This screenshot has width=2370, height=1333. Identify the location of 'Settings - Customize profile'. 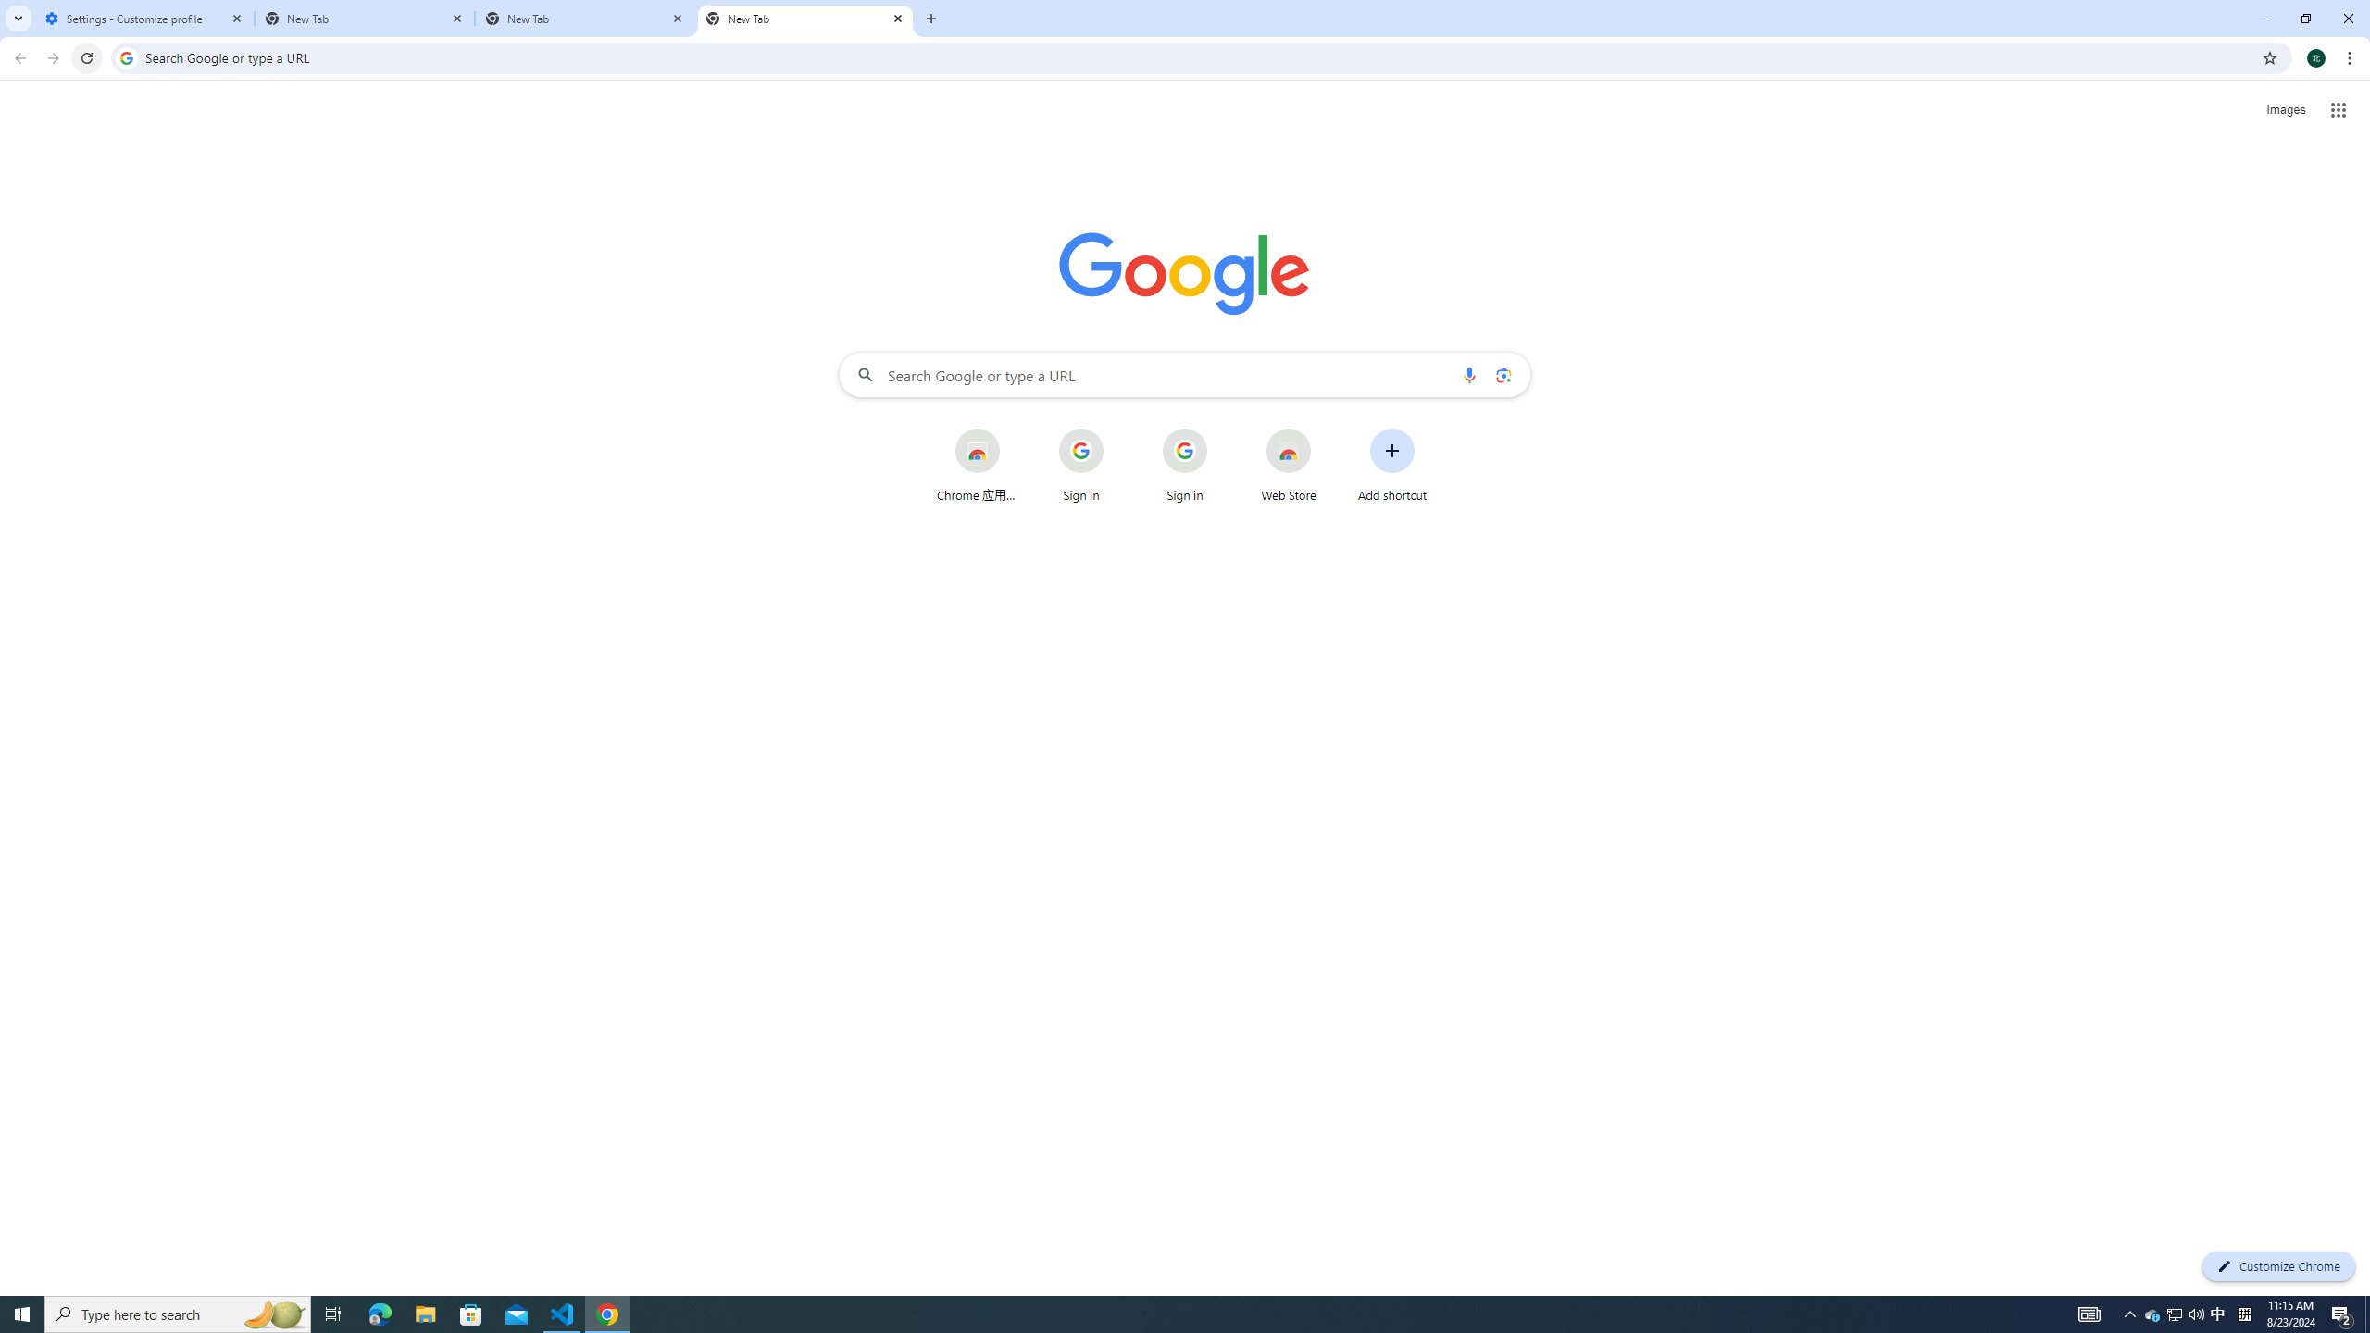
(143, 18).